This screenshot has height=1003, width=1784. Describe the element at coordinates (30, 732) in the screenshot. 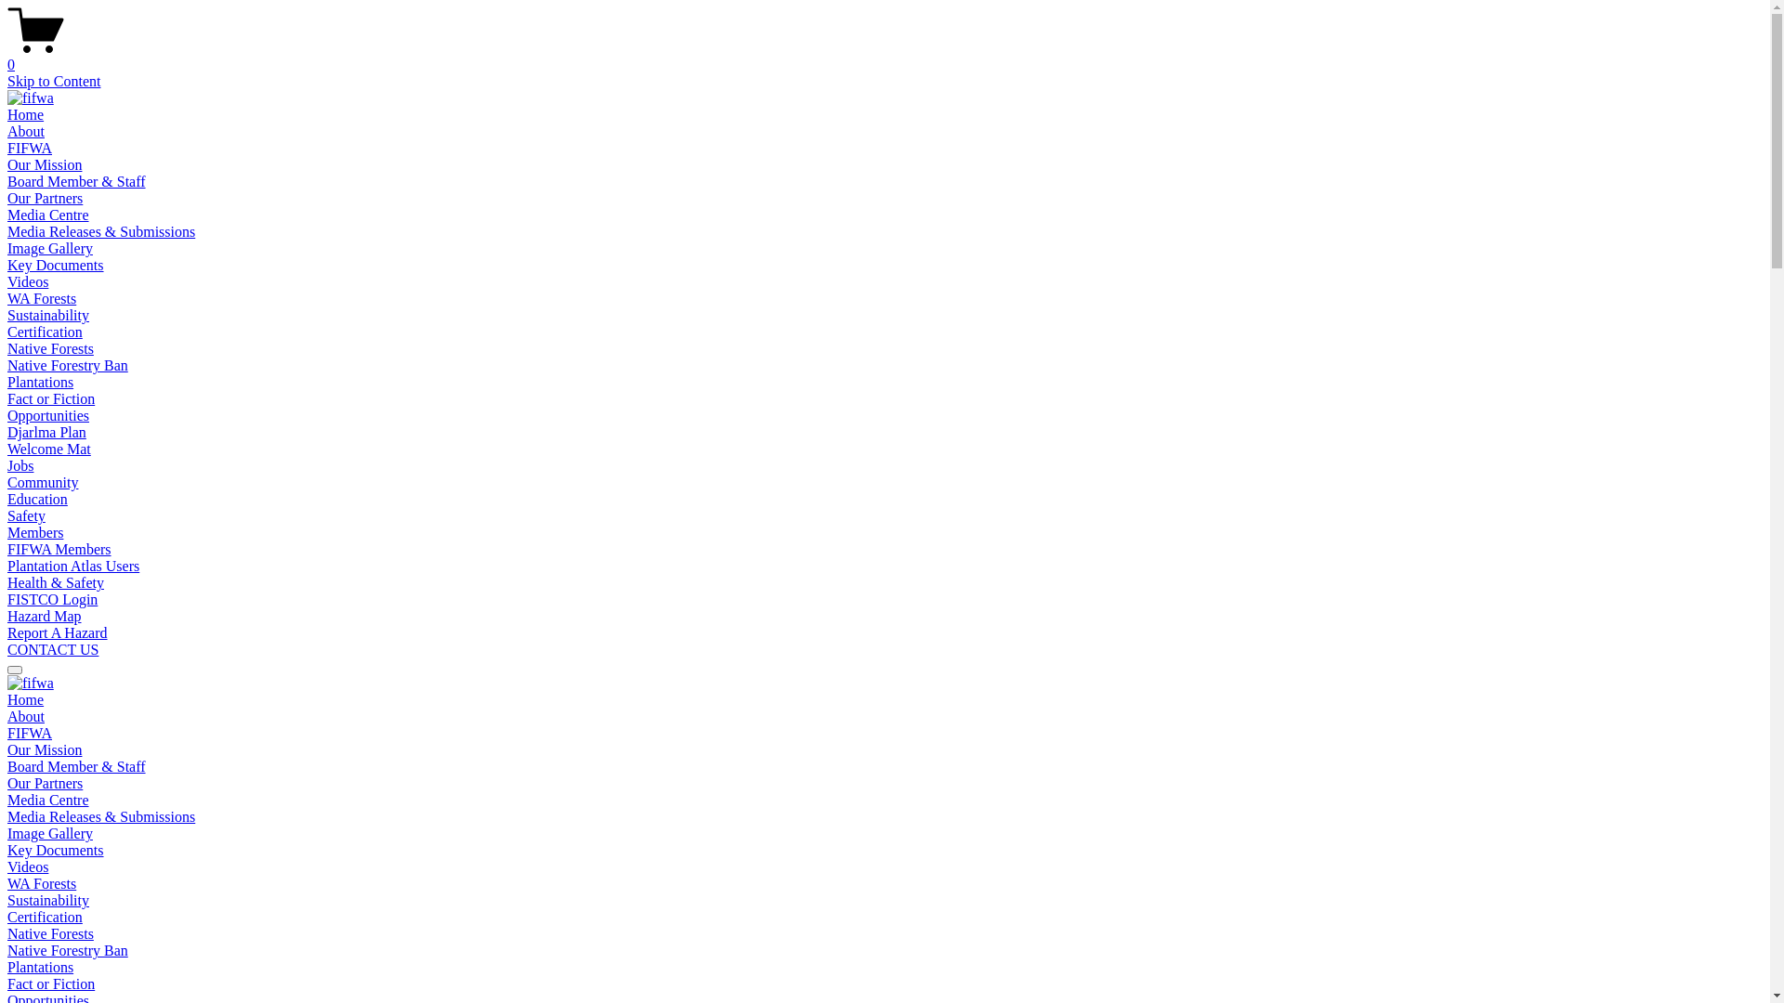

I see `'FIFWA'` at that location.